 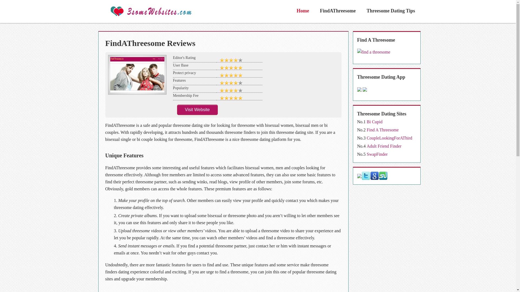 What do you see at coordinates (303, 11) in the screenshot?
I see `'Home'` at bounding box center [303, 11].